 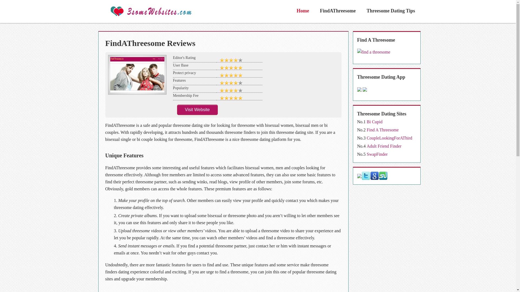 What do you see at coordinates (303, 11) in the screenshot?
I see `'Home'` at bounding box center [303, 11].